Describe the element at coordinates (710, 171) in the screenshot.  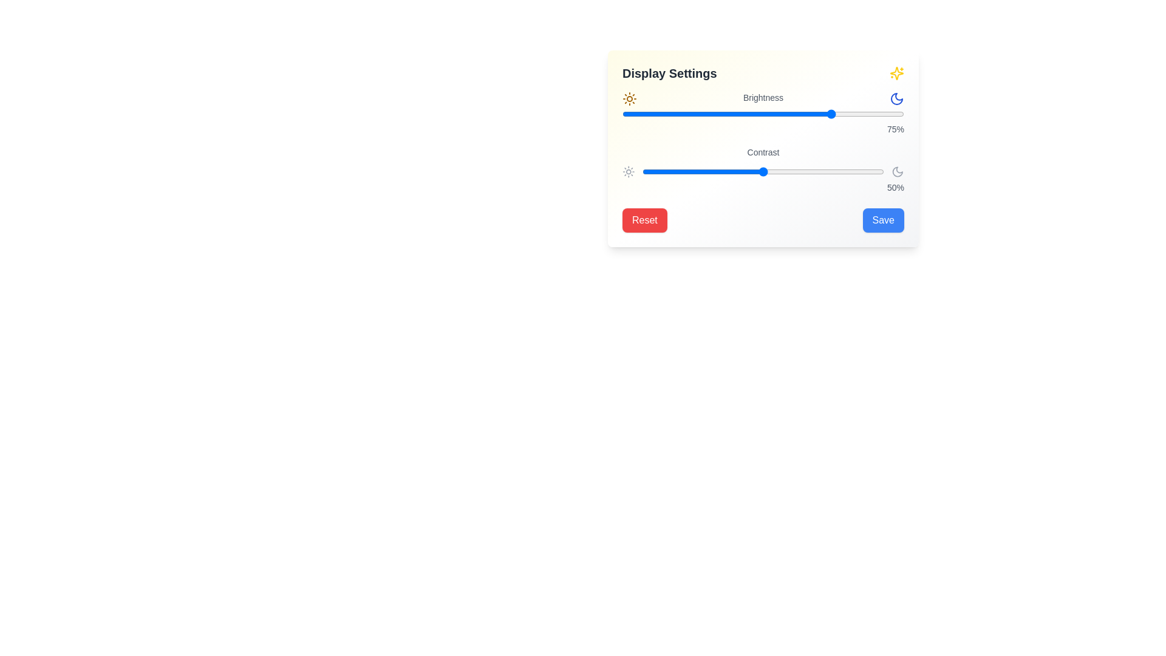
I see `the contrast` at that location.